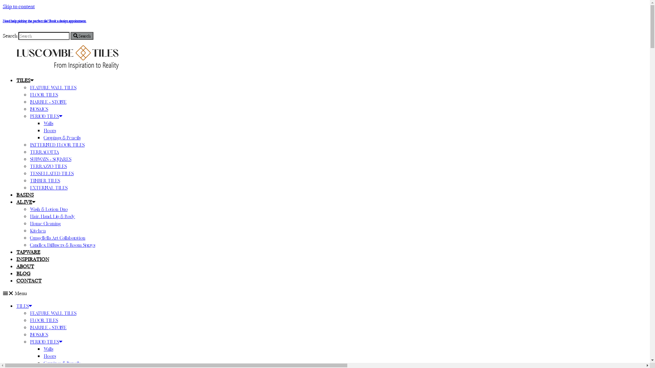 Image resolution: width=655 pixels, height=368 pixels. I want to click on 'Skip to content', so click(18, 6).